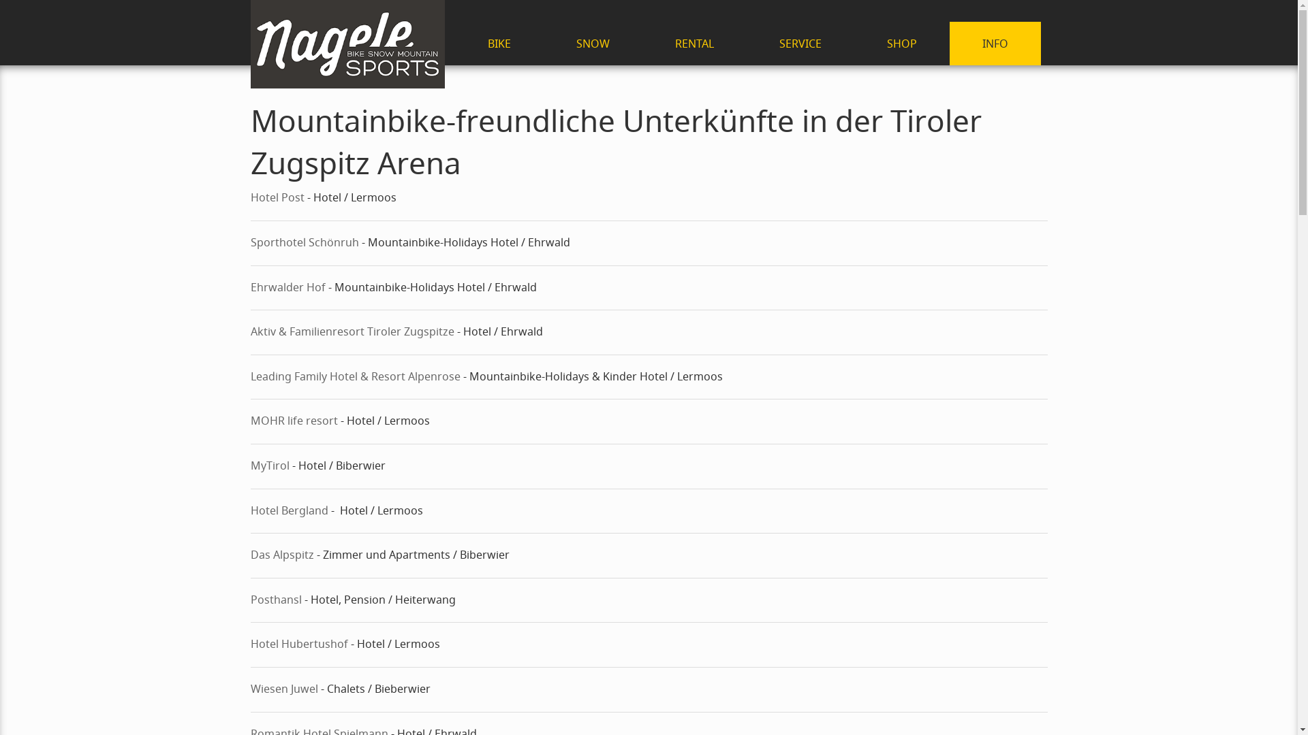  What do you see at coordinates (283, 554) in the screenshot?
I see `'Das Alpspitz'` at bounding box center [283, 554].